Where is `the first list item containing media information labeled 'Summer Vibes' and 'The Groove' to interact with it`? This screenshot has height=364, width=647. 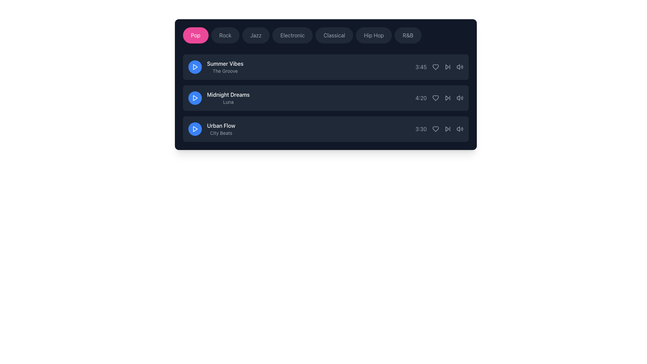
the first list item containing media information labeled 'Summer Vibes' and 'The Groove' to interact with it is located at coordinates (326, 67).